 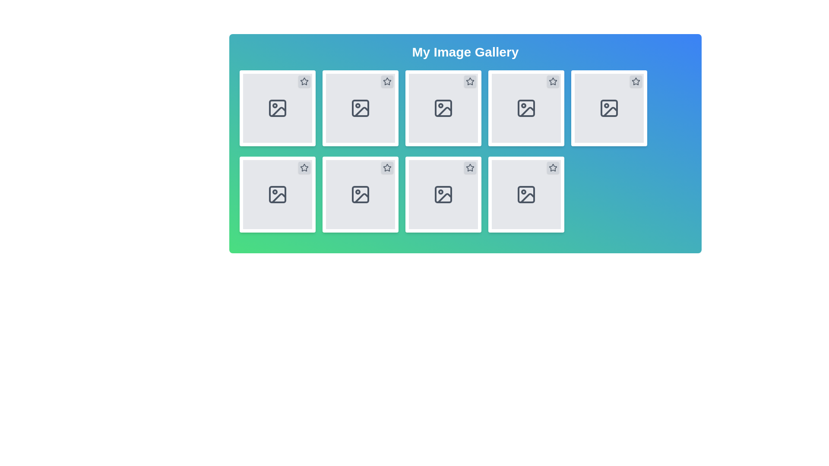 What do you see at coordinates (387, 82) in the screenshot?
I see `the star-shaped icon located at the top right corner of the gallery item in the second column of the top row` at bounding box center [387, 82].